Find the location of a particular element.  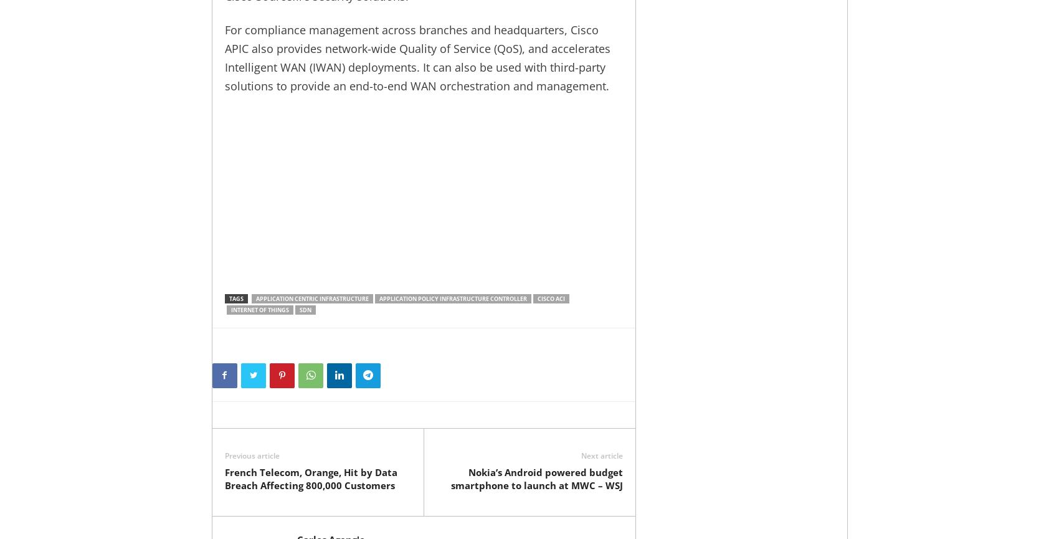

'SDN' is located at coordinates (299, 309).